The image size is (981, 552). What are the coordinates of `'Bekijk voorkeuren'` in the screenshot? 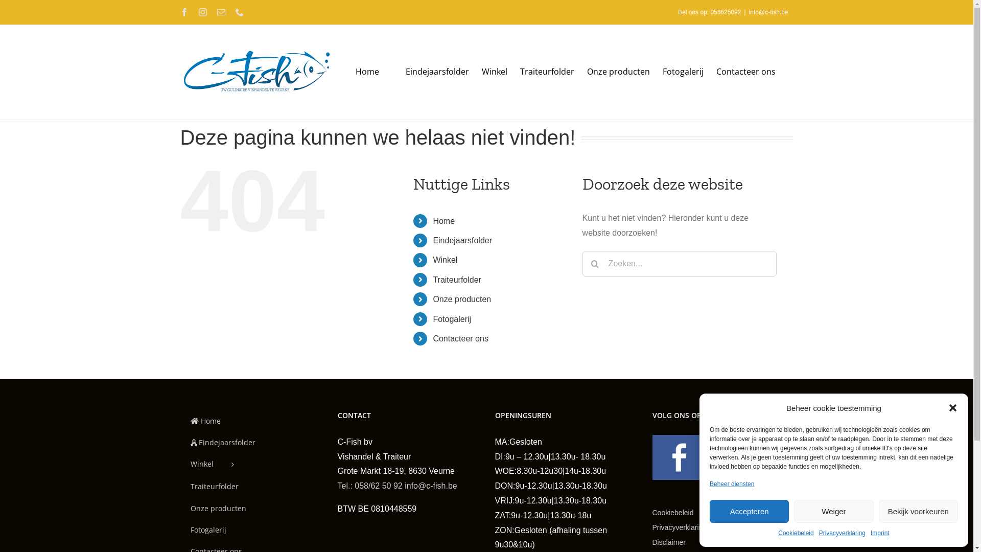 It's located at (918, 511).